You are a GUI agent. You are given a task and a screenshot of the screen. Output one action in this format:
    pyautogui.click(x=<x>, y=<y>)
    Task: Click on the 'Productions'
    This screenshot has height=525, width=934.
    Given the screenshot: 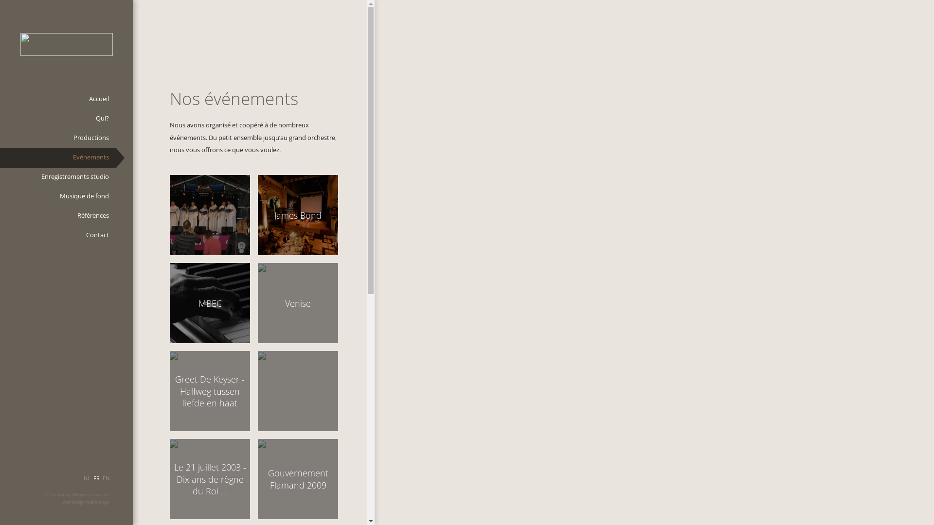 What is the action you would take?
    pyautogui.click(x=57, y=139)
    